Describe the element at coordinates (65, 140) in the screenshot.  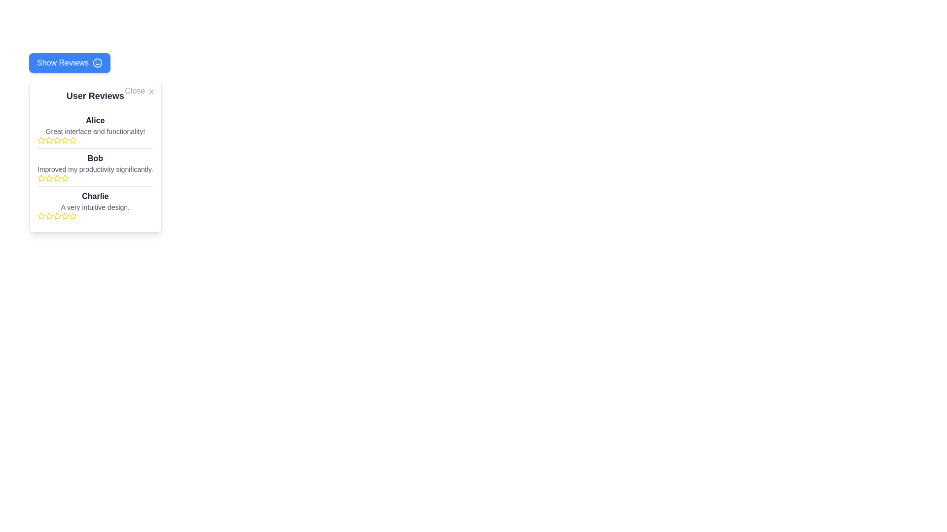
I see `the fourth star in the rating section associated with the user review Alice to rate it` at that location.